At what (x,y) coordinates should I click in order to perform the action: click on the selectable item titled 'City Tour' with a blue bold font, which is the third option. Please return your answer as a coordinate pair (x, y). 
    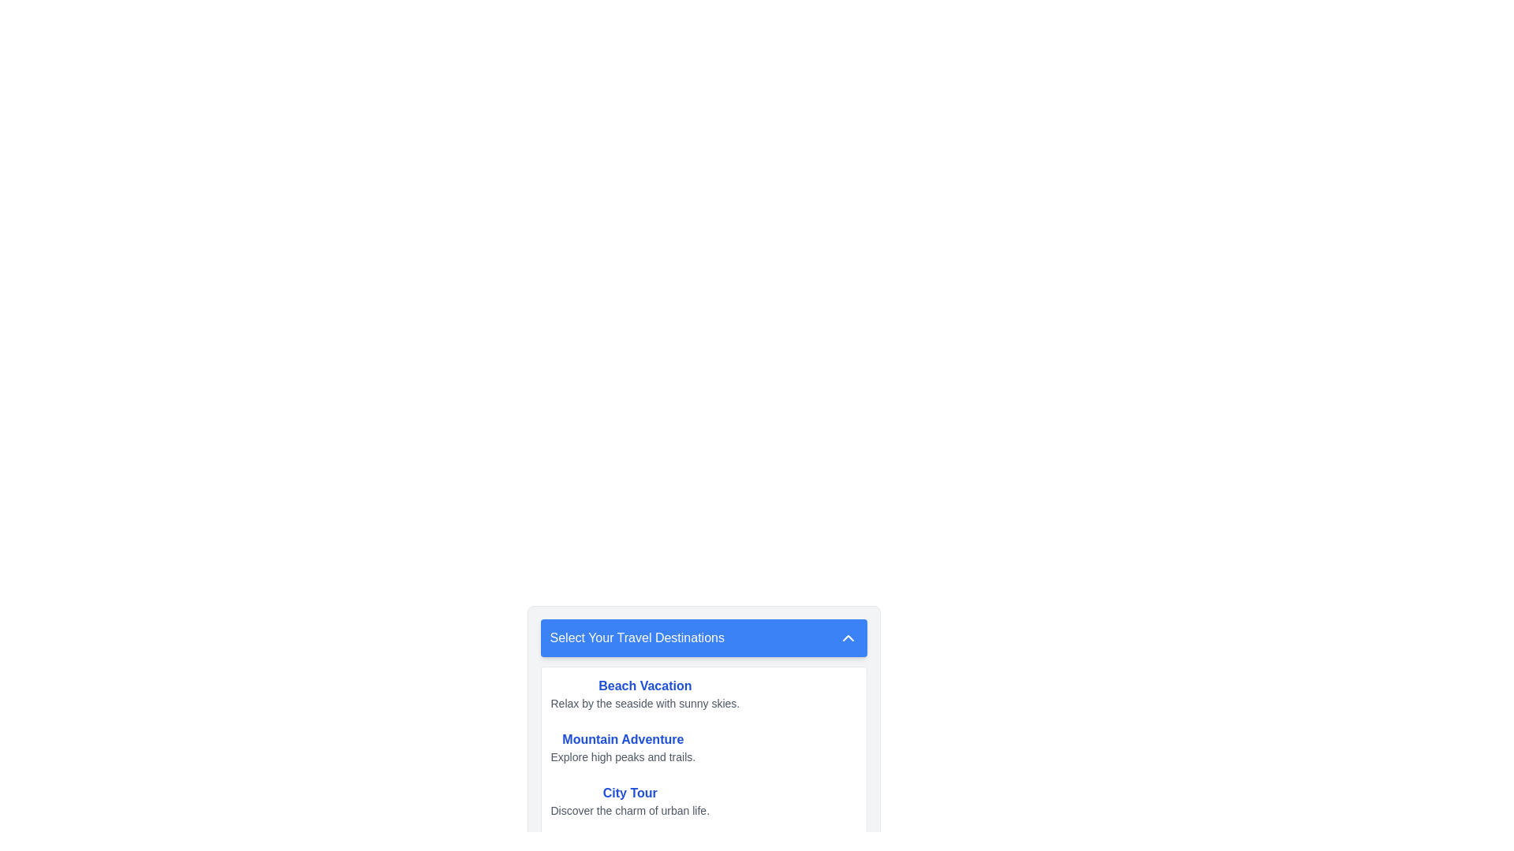
    Looking at the image, I should click on (703, 801).